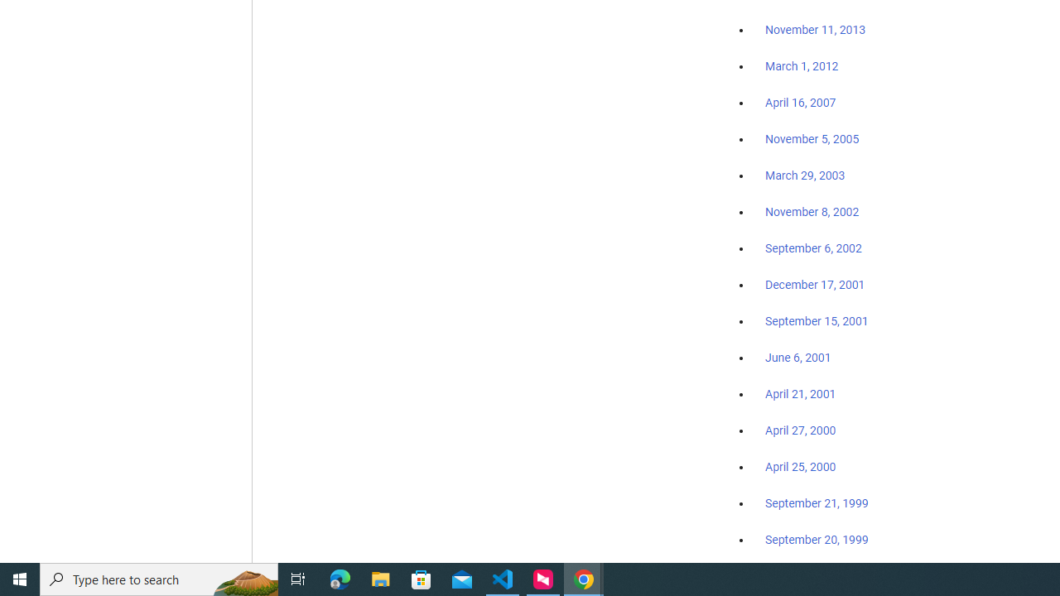 This screenshot has width=1060, height=596. What do you see at coordinates (802, 66) in the screenshot?
I see `'March 1, 2012'` at bounding box center [802, 66].